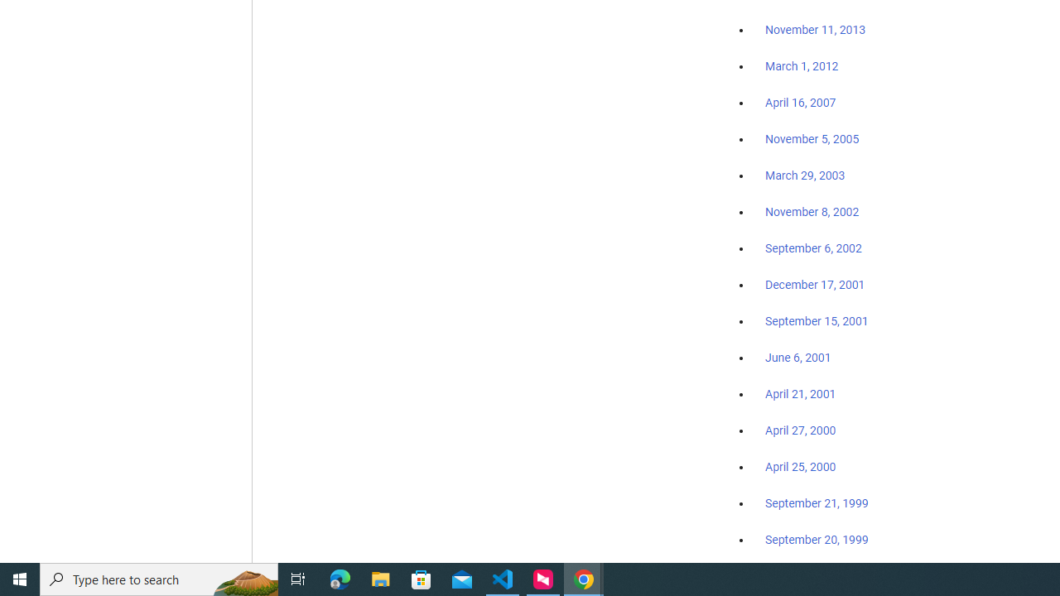 This screenshot has width=1060, height=596. What do you see at coordinates (802, 66) in the screenshot?
I see `'March 1, 2012'` at bounding box center [802, 66].